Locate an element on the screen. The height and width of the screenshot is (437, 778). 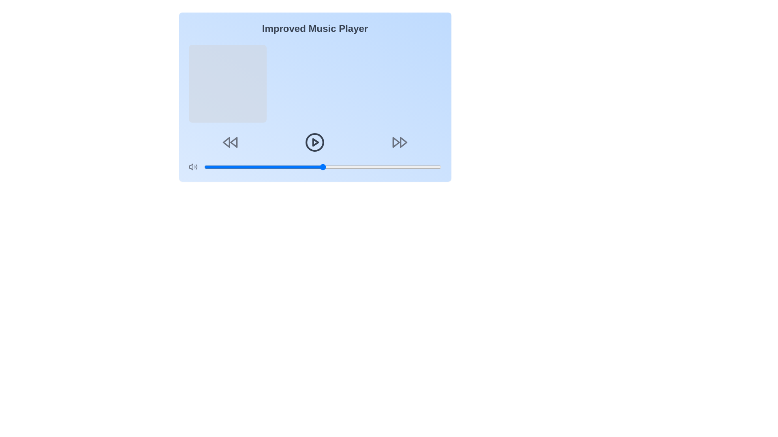
the slider value is located at coordinates (232, 166).